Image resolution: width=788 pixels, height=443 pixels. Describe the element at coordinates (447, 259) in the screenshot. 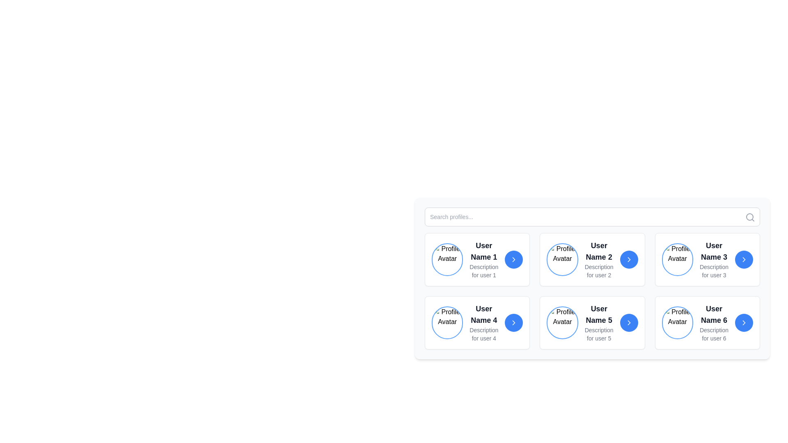

I see `the circular profile picture placeholder with a blue border labeled 'Profile Avatar' to trigger the tooltip` at that location.